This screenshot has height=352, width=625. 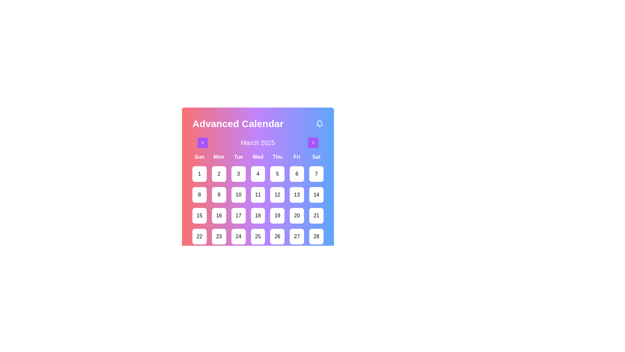 I want to click on the calendar date button displaying '9' located under the 'Mon' column in the second row, so click(x=219, y=194).